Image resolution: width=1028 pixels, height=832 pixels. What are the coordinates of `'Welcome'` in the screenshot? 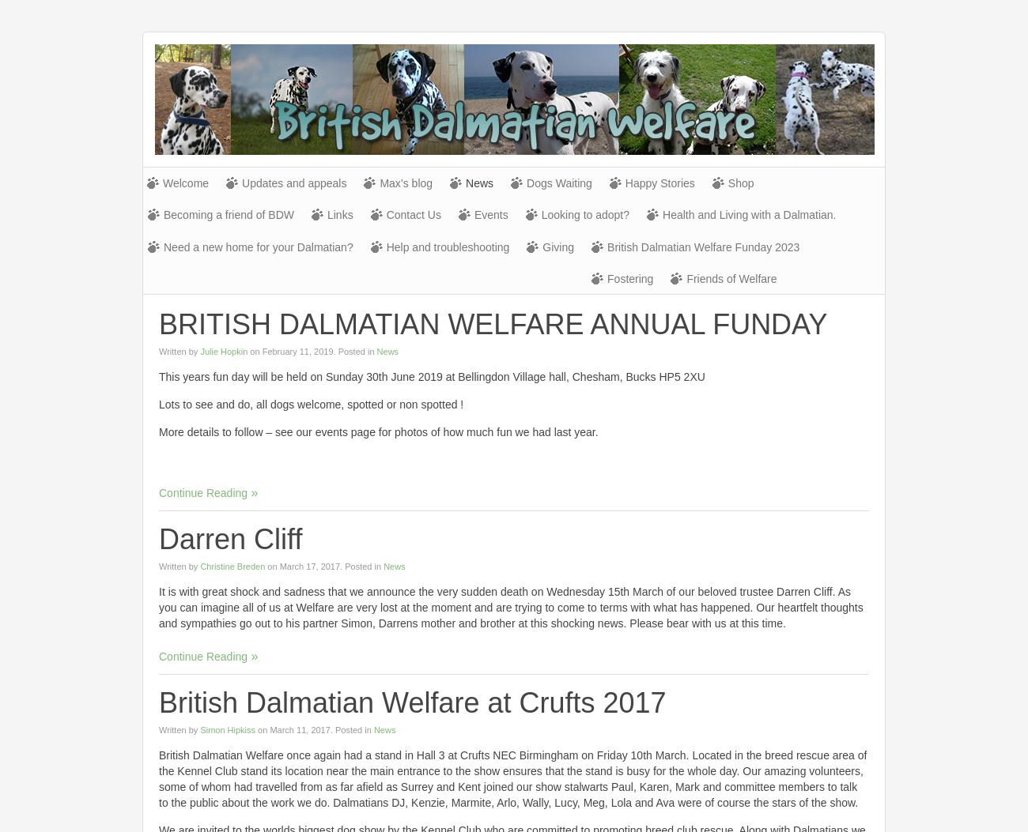 It's located at (185, 183).